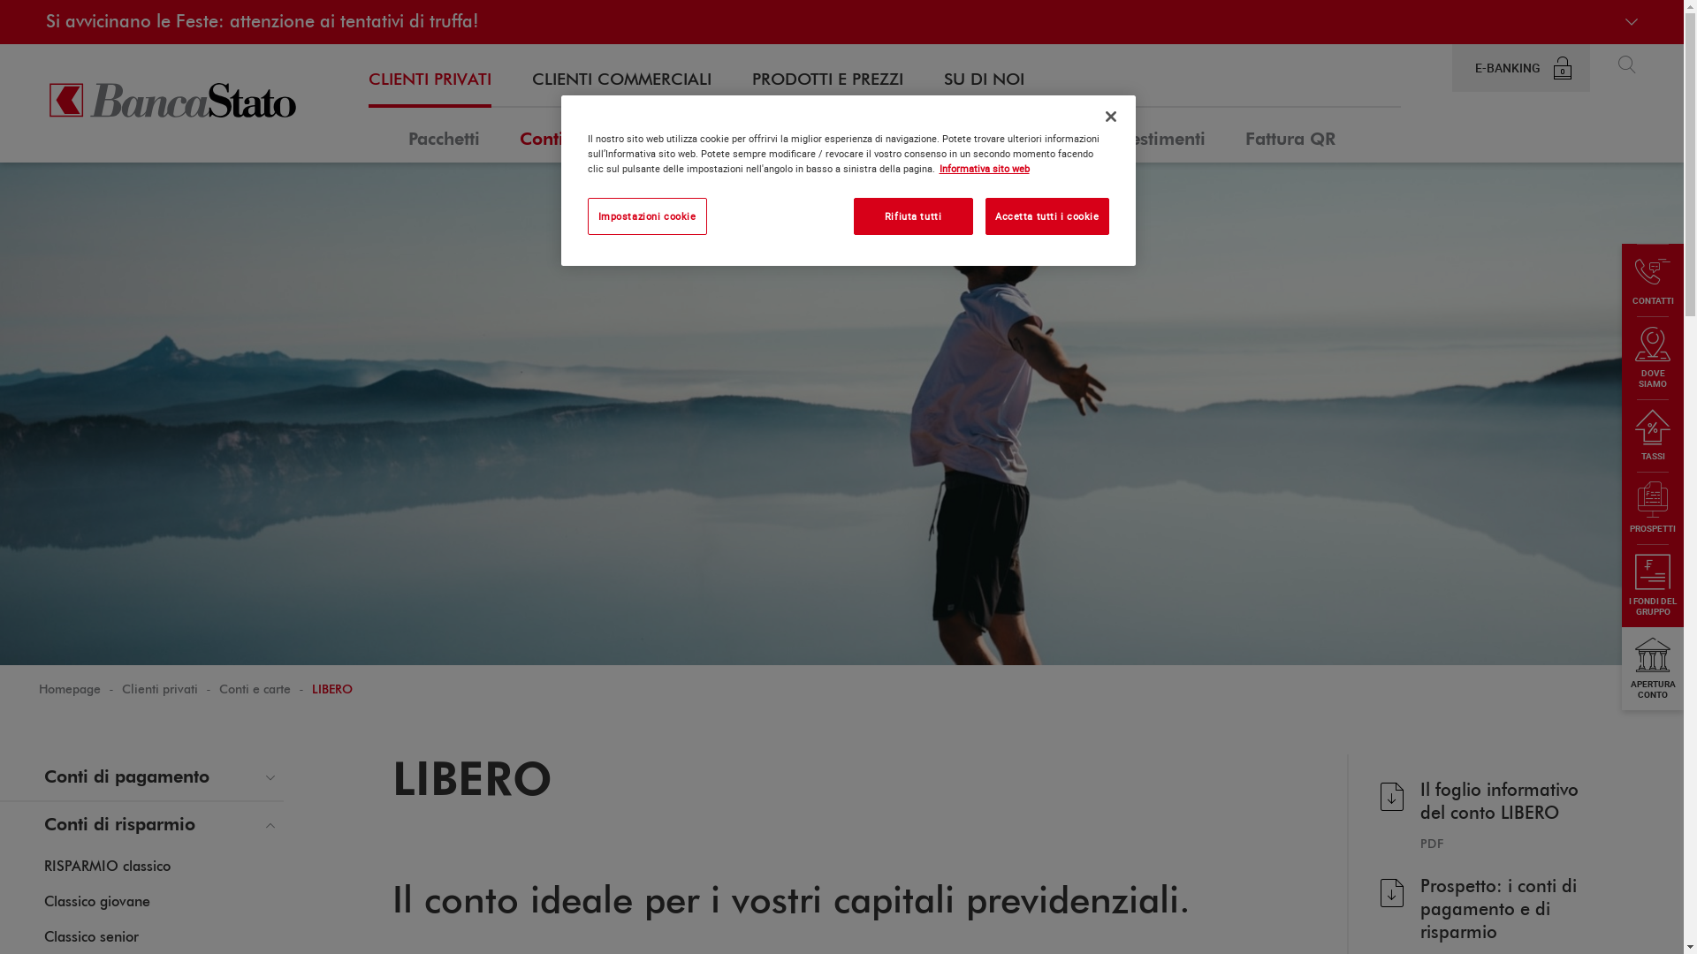  Describe the element at coordinates (943, 80) in the screenshot. I see `'SU DI NOI'` at that location.